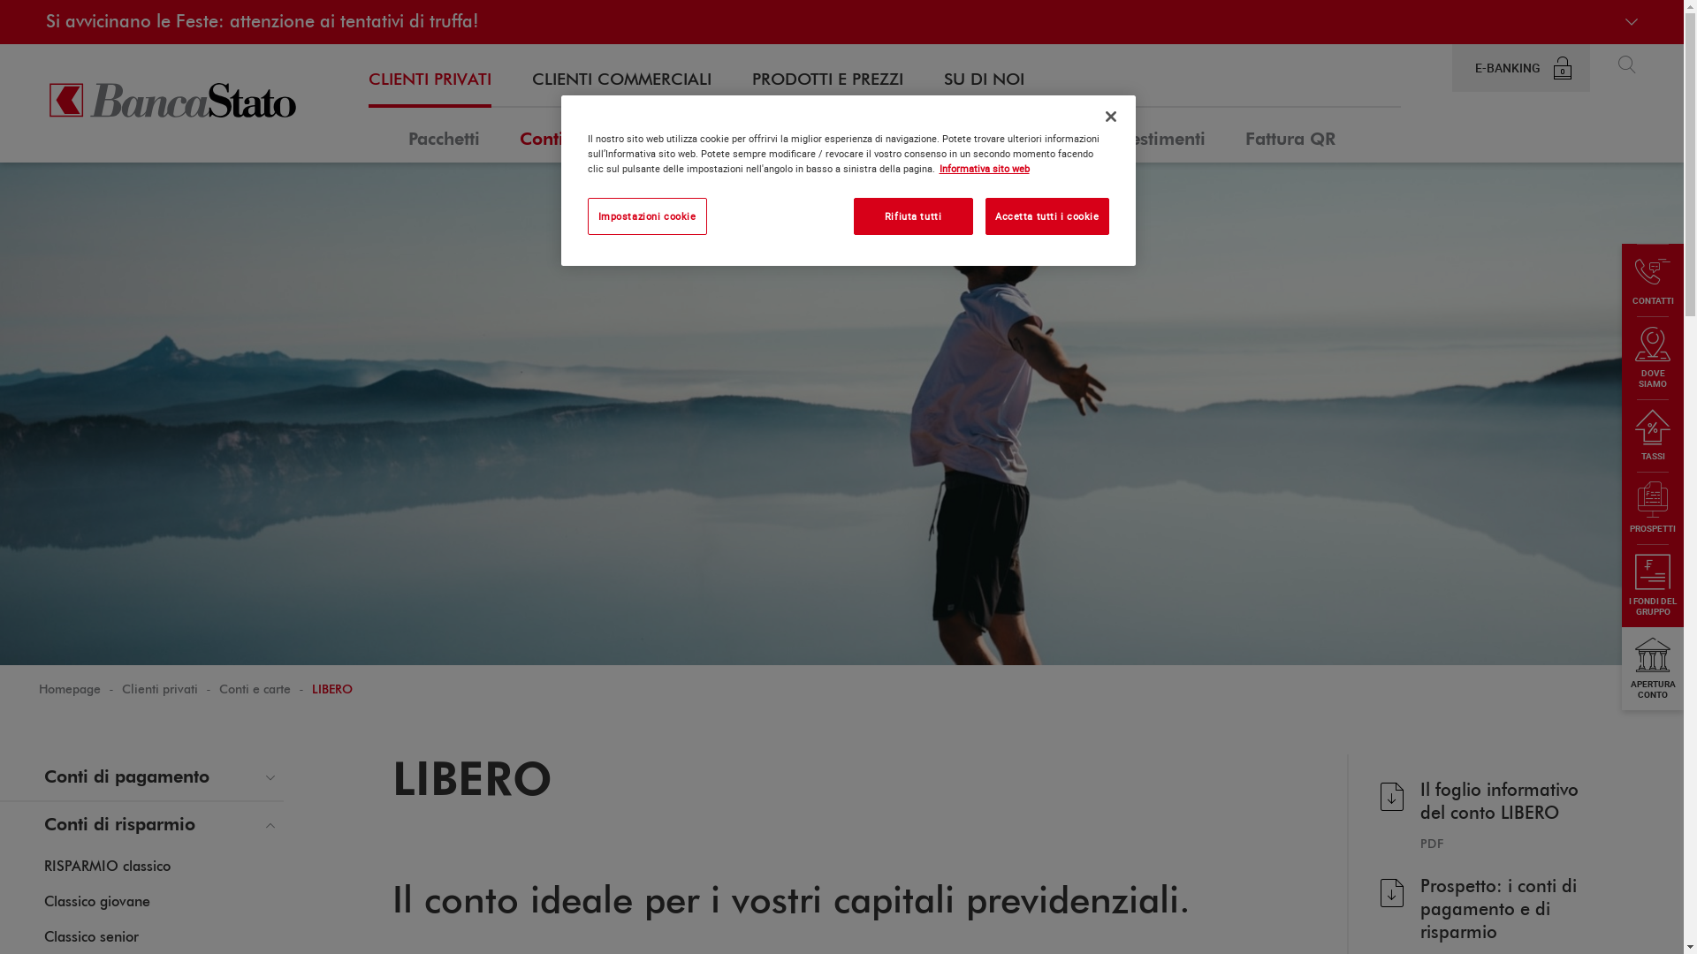  Describe the element at coordinates (943, 80) in the screenshot. I see `'SU DI NOI'` at that location.